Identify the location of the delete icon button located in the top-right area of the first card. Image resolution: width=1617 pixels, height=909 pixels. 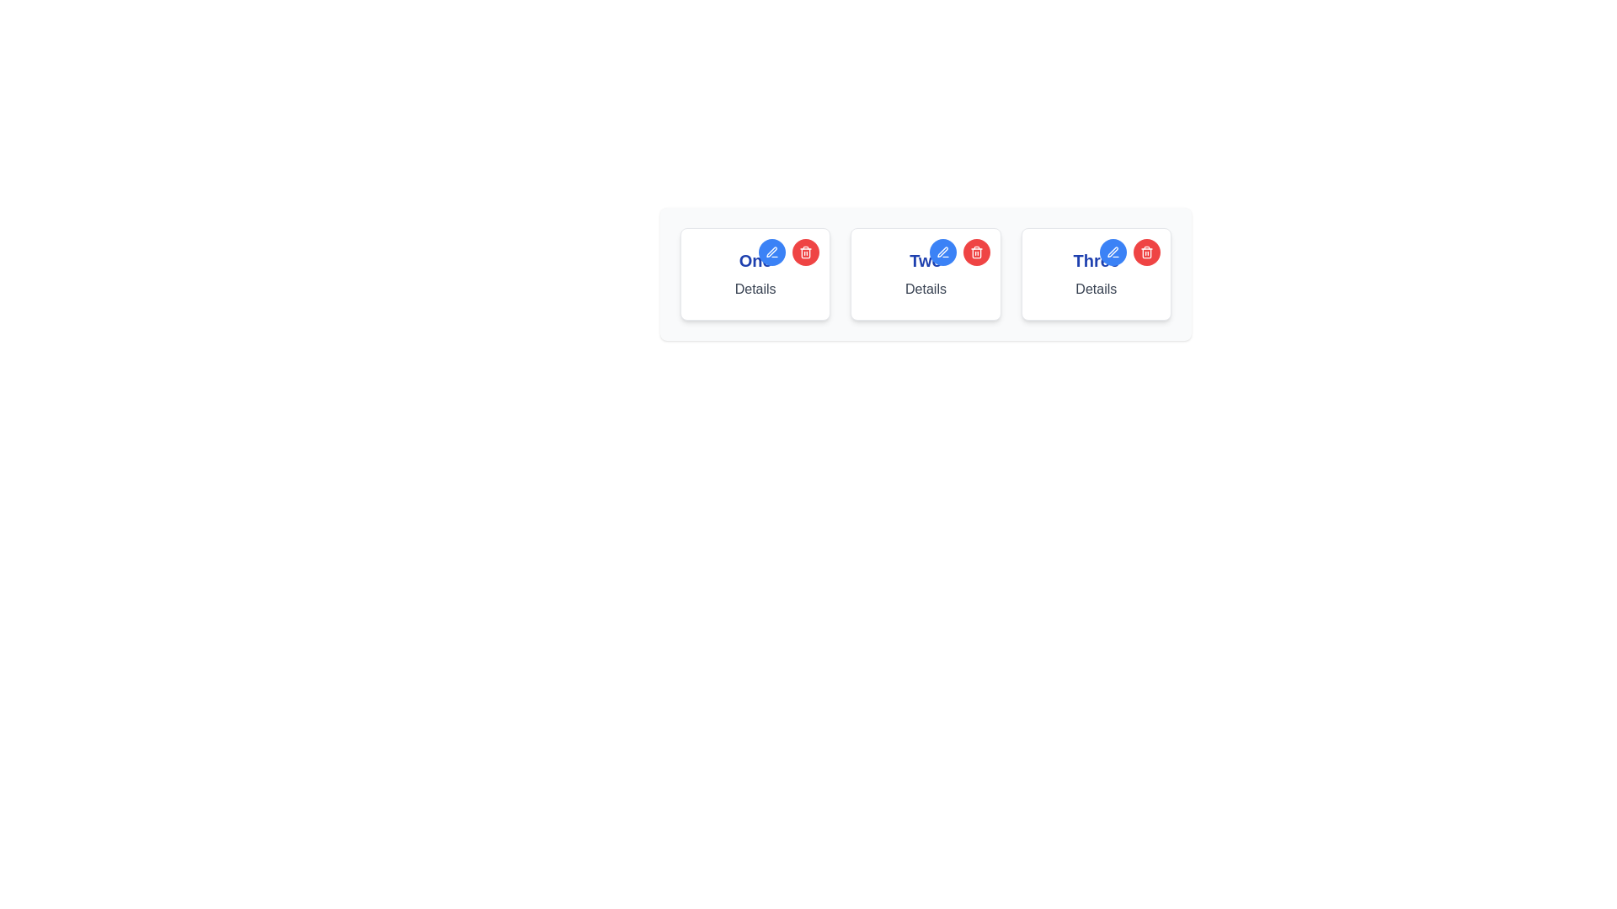
(805, 252).